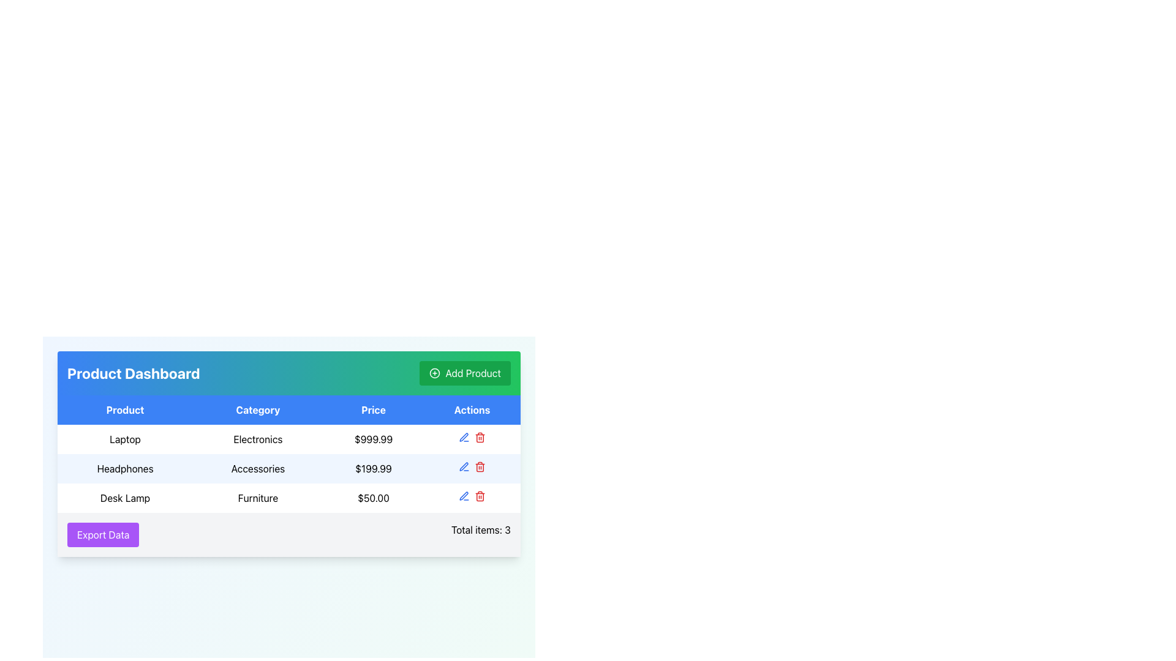  What do you see at coordinates (372, 498) in the screenshot?
I see `the price display for the product 'Desk Lamp' in the third column of the last table row` at bounding box center [372, 498].